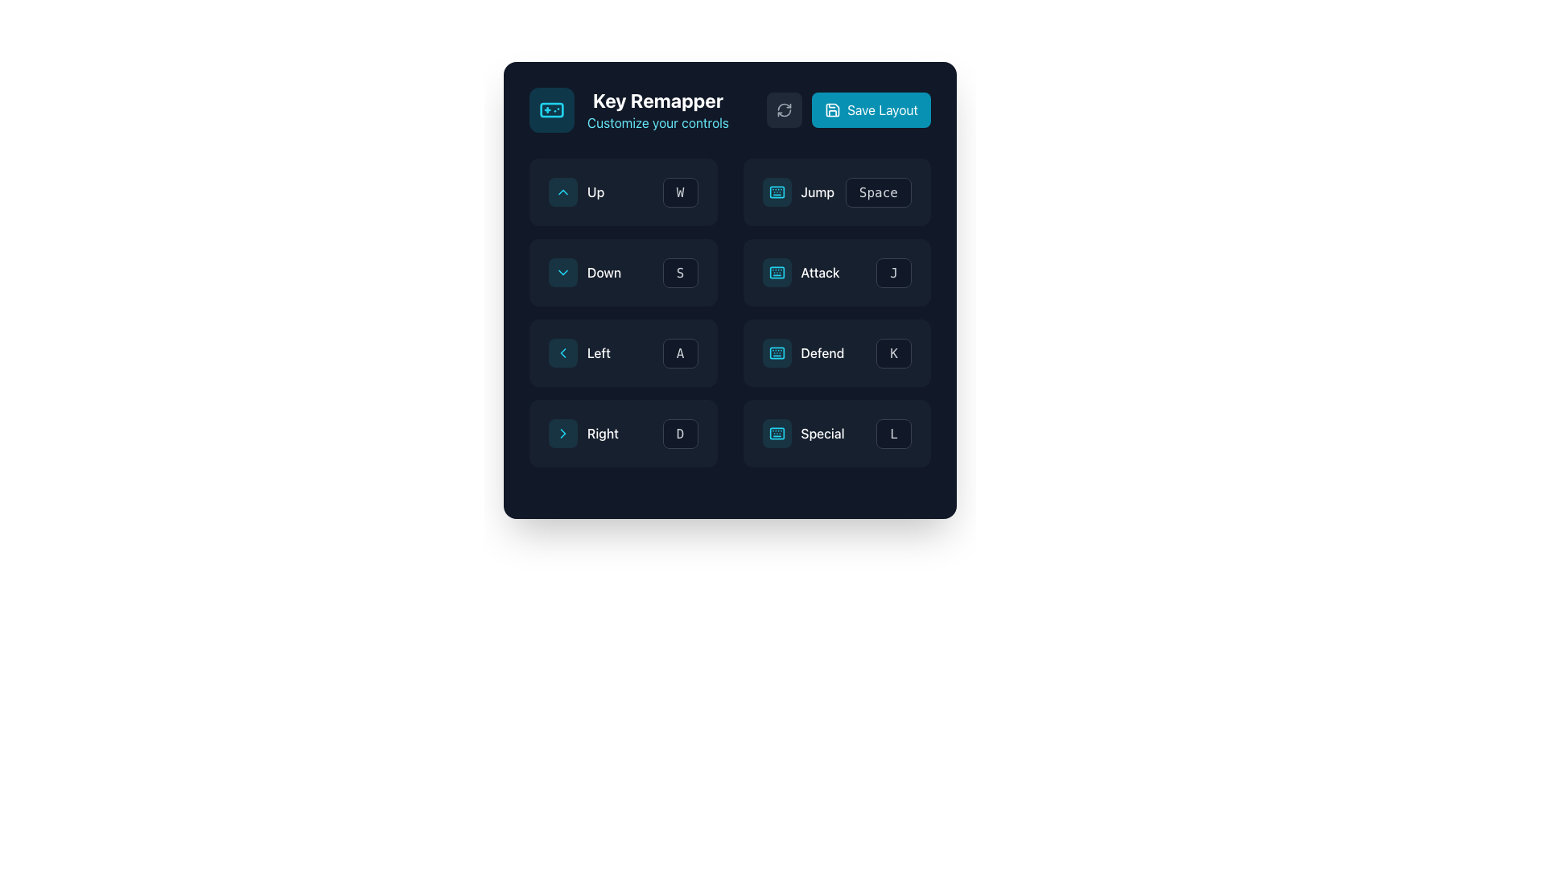 This screenshot has width=1545, height=869. I want to click on the 'Left' action element, which is represented by a Text and Icon in the control remapping interface, located in the middle row and first column of the grid, so click(579, 352).